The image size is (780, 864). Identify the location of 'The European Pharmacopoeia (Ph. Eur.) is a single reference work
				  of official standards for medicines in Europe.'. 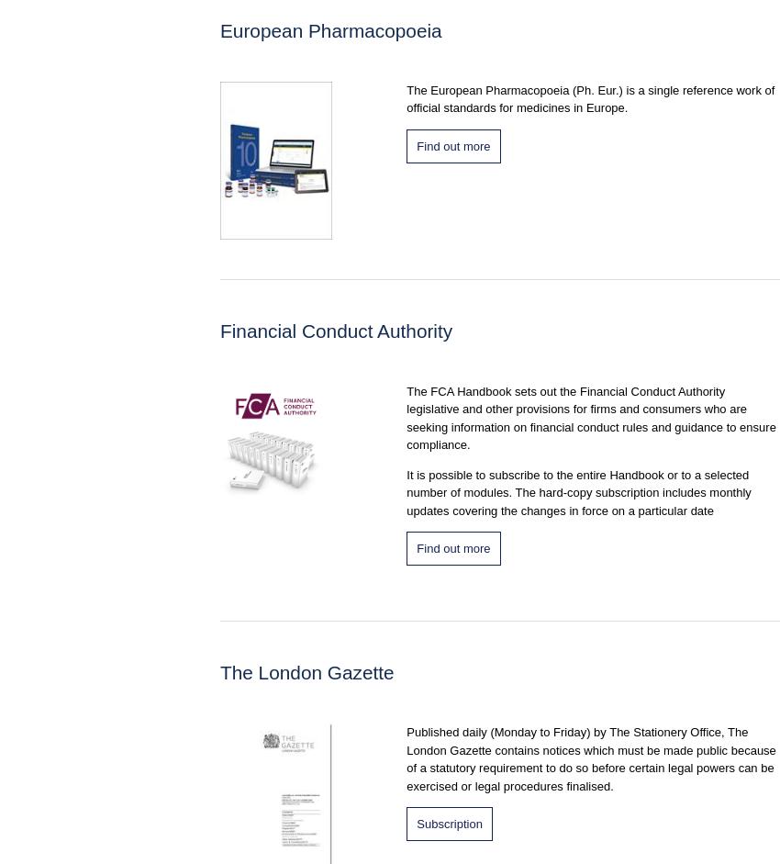
(590, 98).